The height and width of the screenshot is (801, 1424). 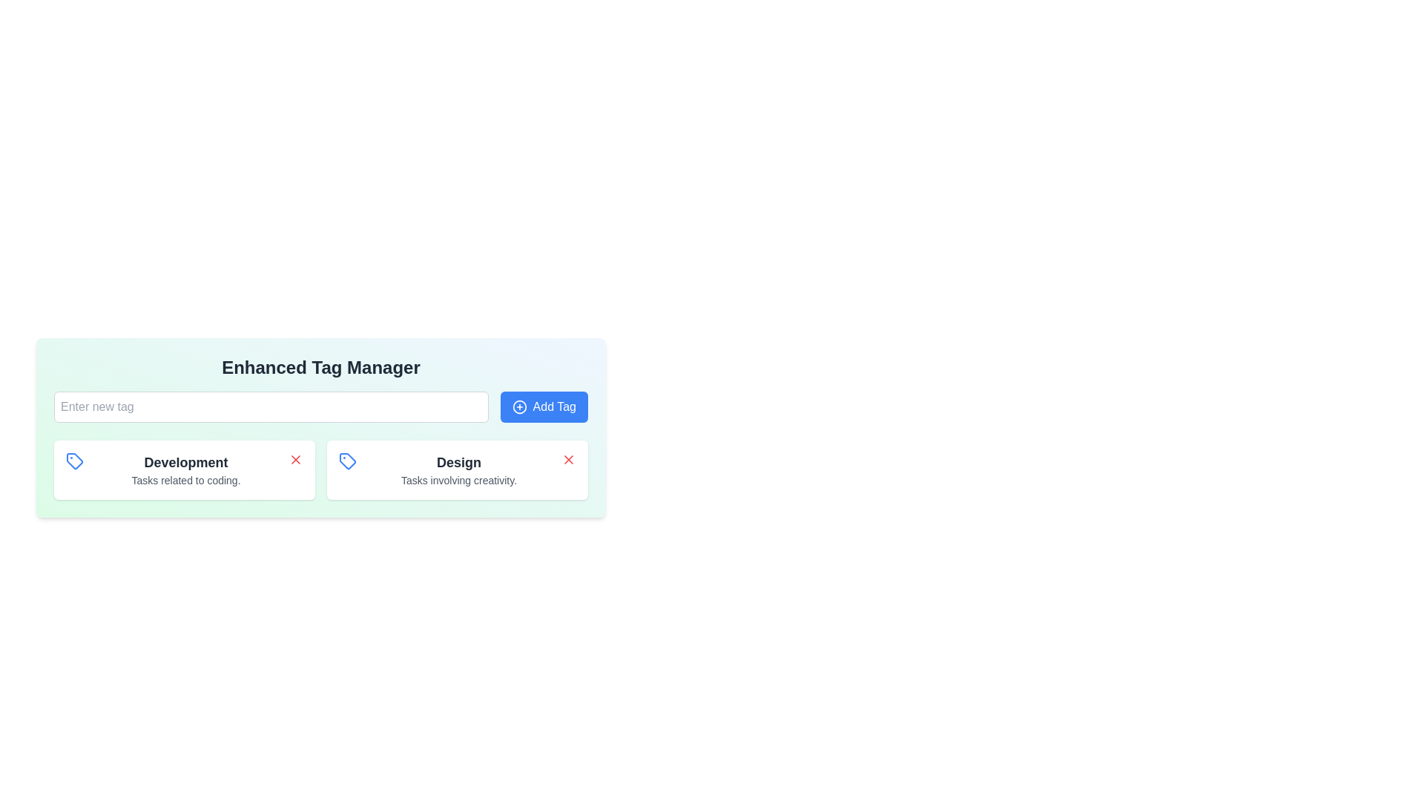 I want to click on the label displaying 'Tasks involving creativity.' which is located below the 'Design' text in the Design section, so click(x=458, y=481).